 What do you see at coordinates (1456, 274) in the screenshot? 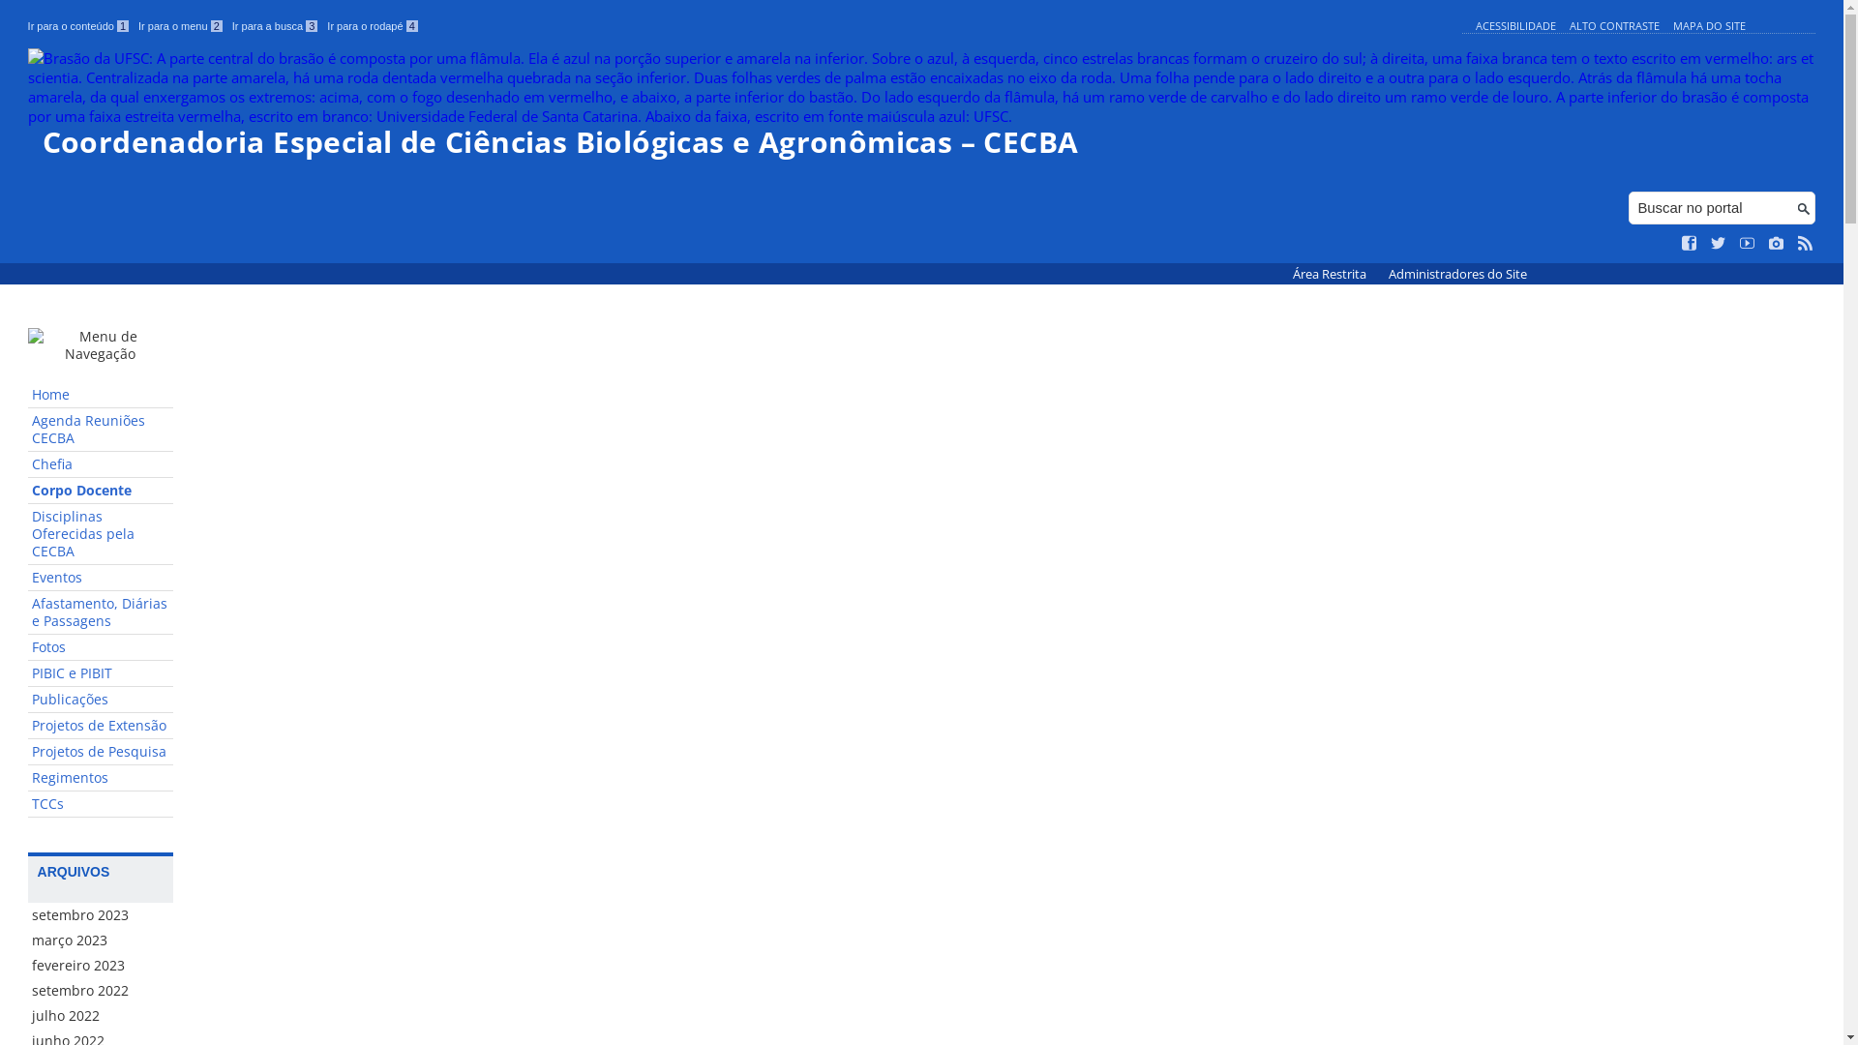
I see `'Administradores do Site'` at bounding box center [1456, 274].